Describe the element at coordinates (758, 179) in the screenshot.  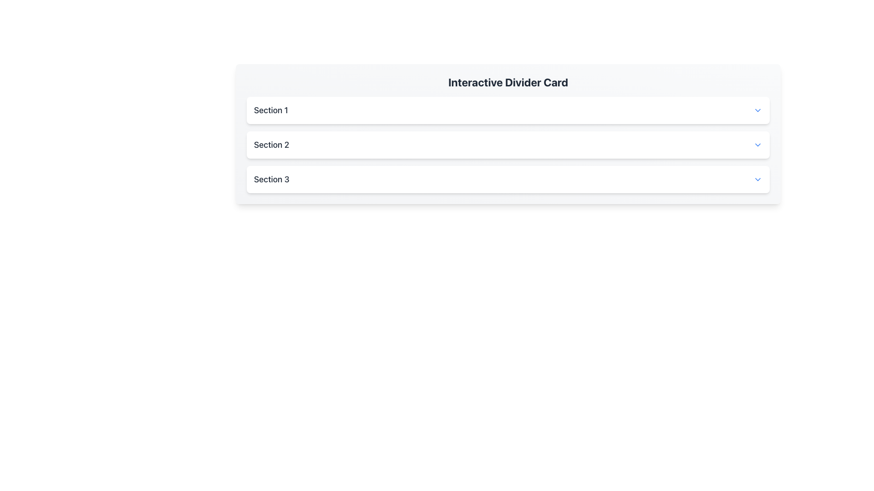
I see `the toggle icon at the far-right end of the 'Section 3' row to possibly reveal additional information` at that location.